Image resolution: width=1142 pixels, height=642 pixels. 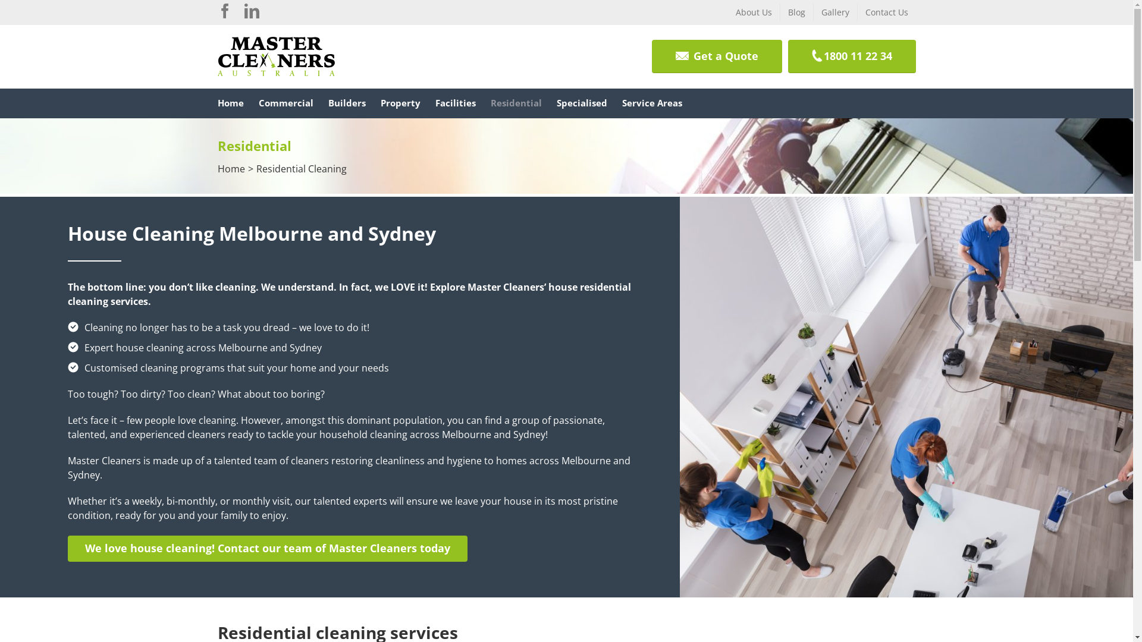 What do you see at coordinates (753, 12) in the screenshot?
I see `'About Us'` at bounding box center [753, 12].